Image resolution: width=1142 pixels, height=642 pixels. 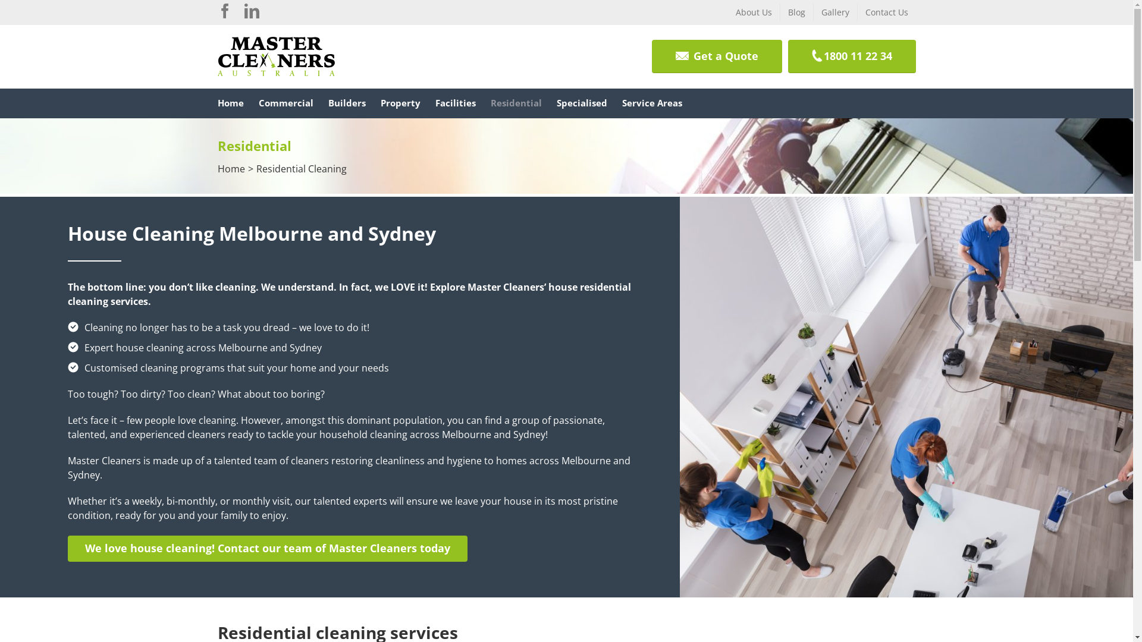 What do you see at coordinates (753, 12) in the screenshot?
I see `'About Us'` at bounding box center [753, 12].